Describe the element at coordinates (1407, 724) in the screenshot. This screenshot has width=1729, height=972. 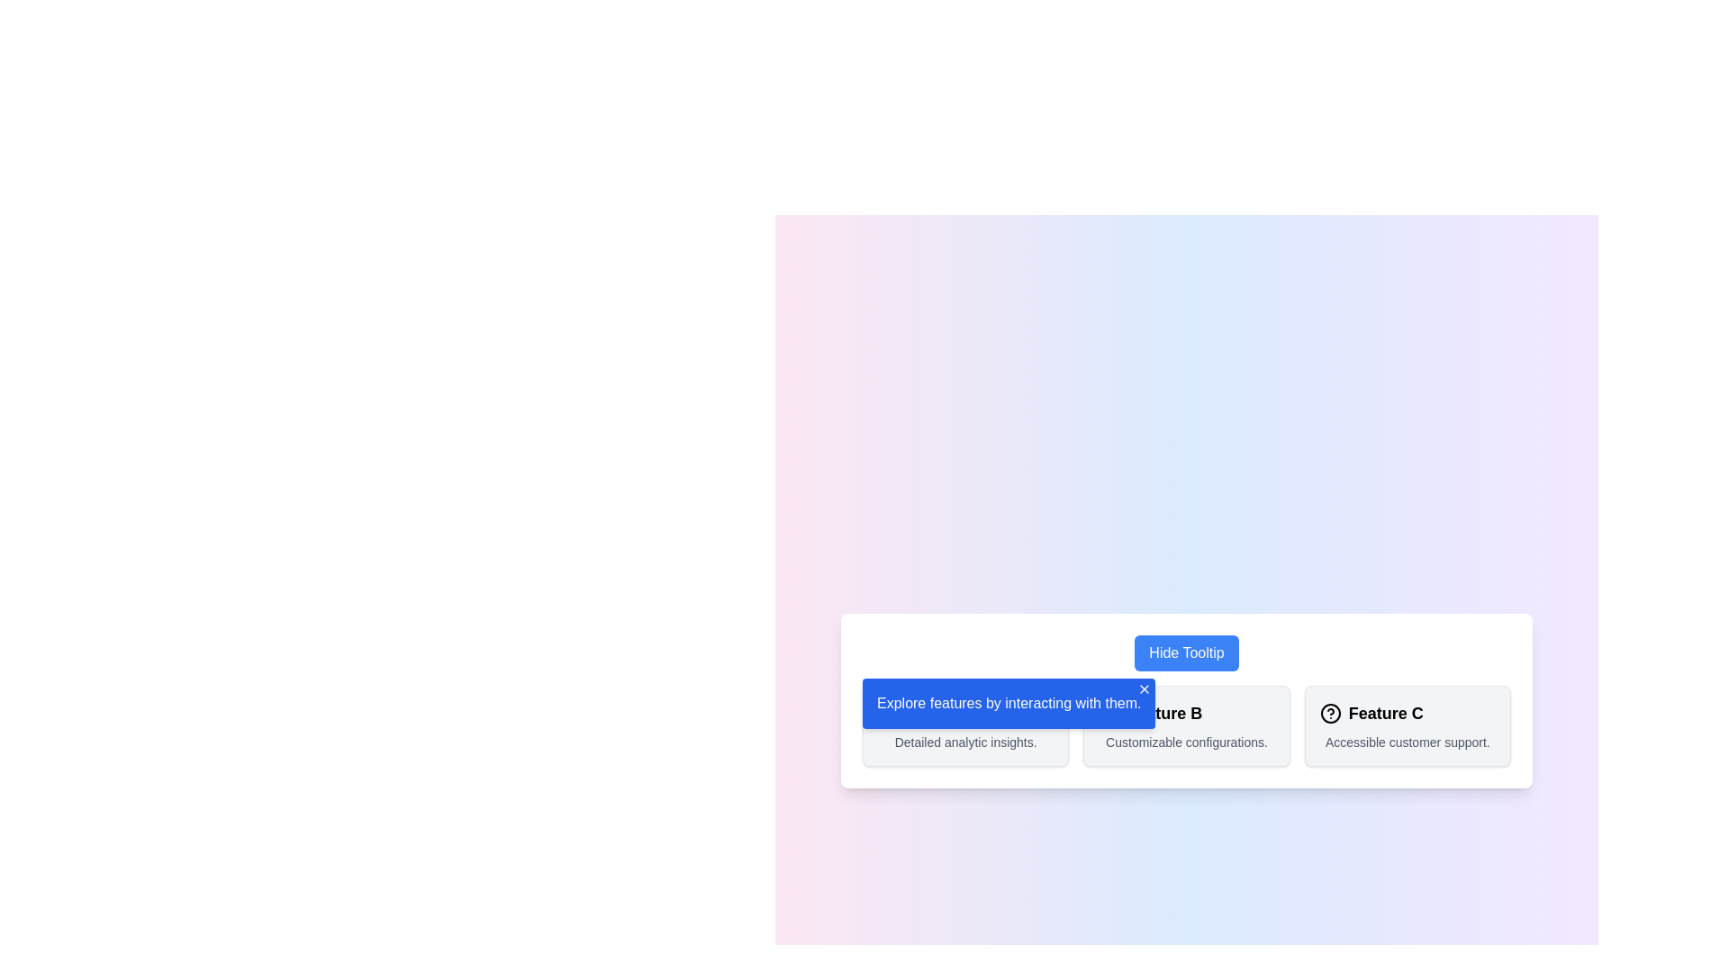
I see `the informational card featuring the question mark icon and bold text 'Feature C', which is the third card in a horizontal grid and has a light gray background` at that location.